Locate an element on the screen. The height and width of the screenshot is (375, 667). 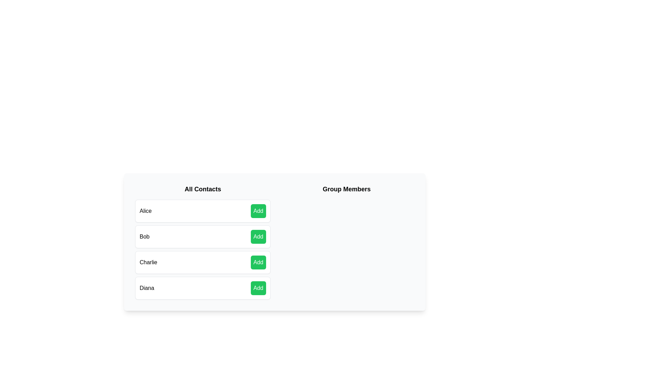
'Add' button next to the contact Charlie to add them to the group is located at coordinates (258, 262).